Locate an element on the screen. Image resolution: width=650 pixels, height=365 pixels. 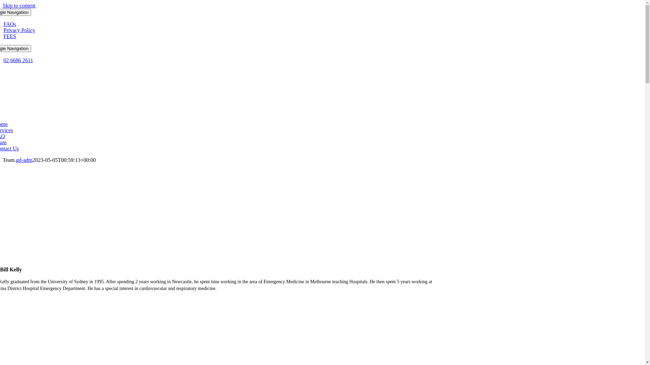
'Skip to content' is located at coordinates (19, 5).